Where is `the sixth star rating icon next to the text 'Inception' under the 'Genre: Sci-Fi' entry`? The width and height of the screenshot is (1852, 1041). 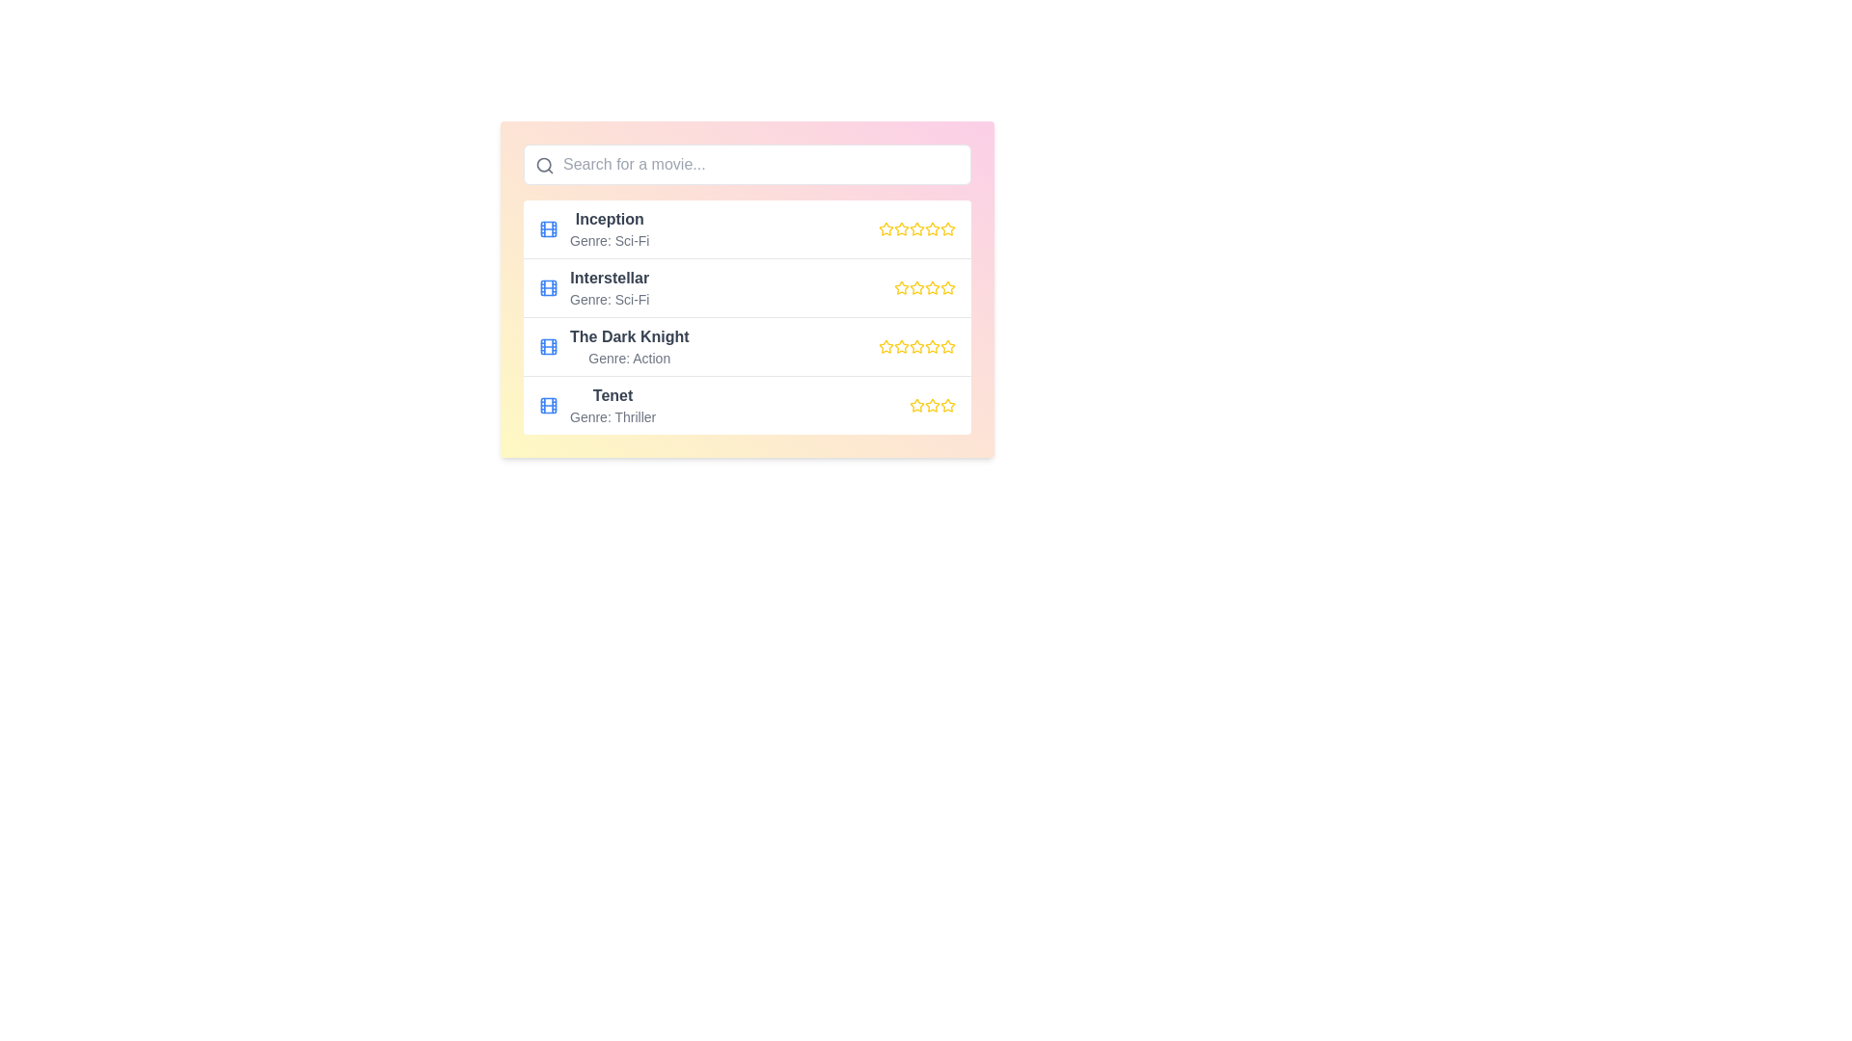 the sixth star rating icon next to the text 'Inception' under the 'Genre: Sci-Fi' entry is located at coordinates (932, 228).